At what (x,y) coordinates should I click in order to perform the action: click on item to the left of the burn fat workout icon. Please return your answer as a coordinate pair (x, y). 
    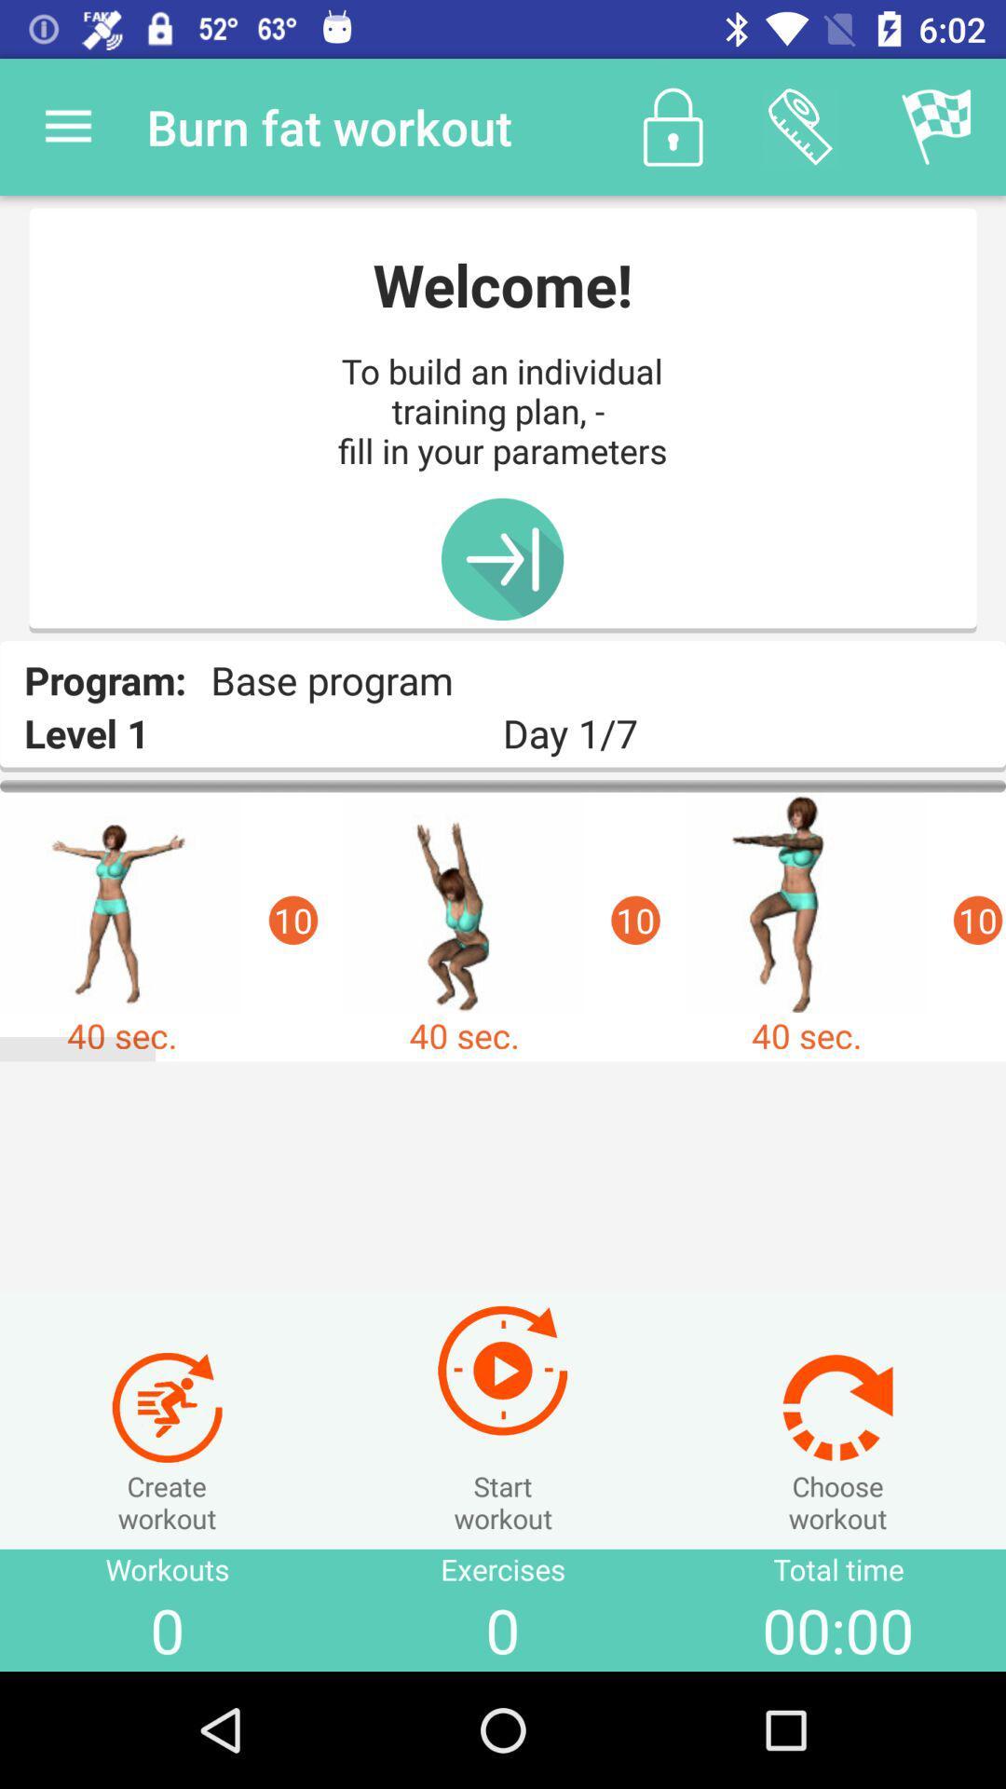
    Looking at the image, I should click on (67, 126).